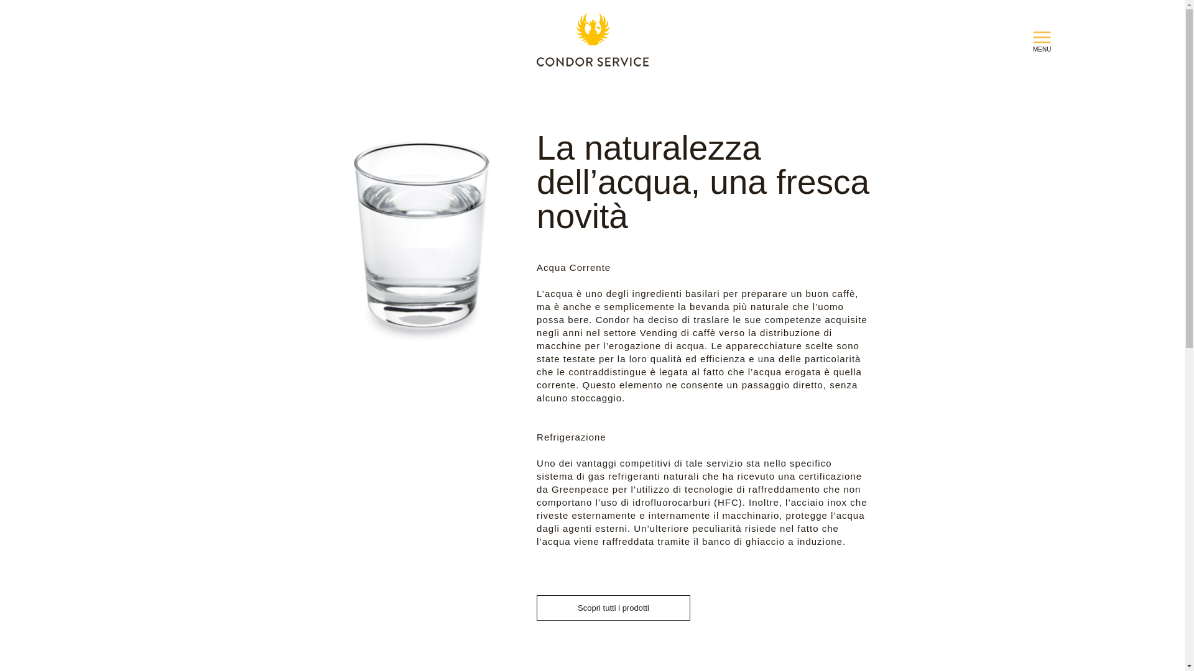 This screenshot has width=1194, height=671. Describe the element at coordinates (1030, 42) in the screenshot. I see `'MENU'` at that location.